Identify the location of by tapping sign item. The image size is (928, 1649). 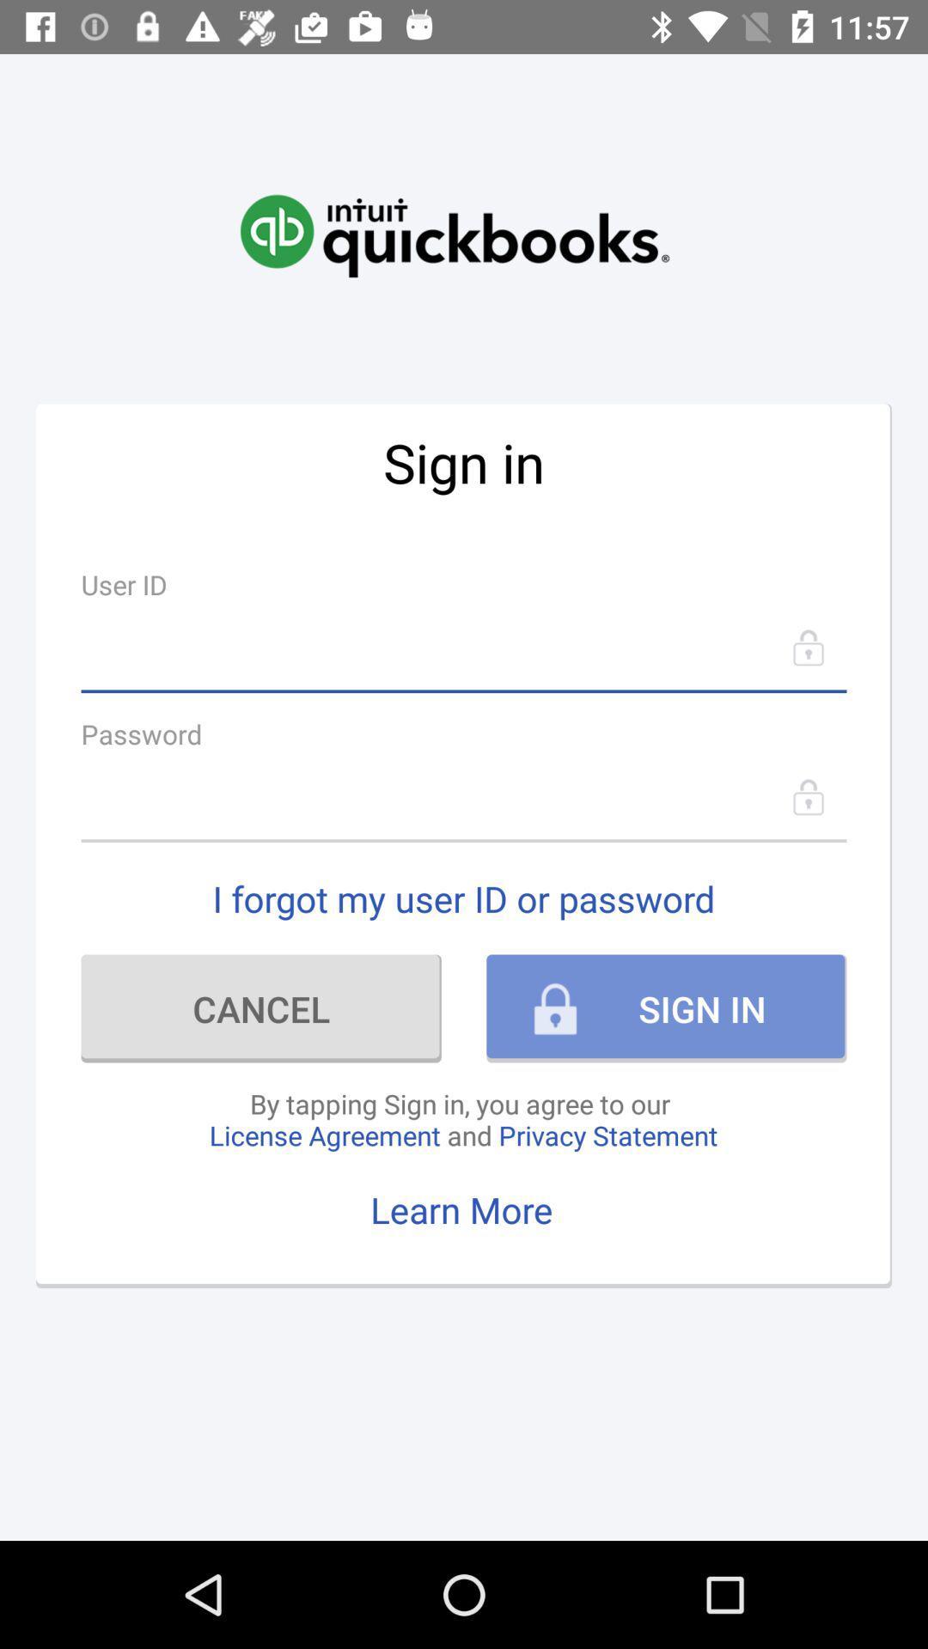
(462, 1119).